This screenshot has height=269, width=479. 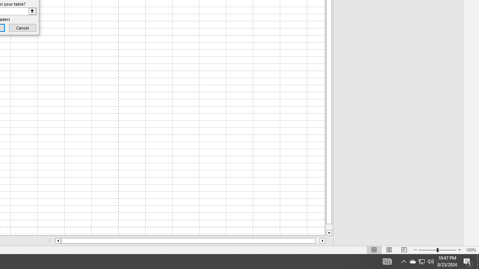 What do you see at coordinates (57, 241) in the screenshot?
I see `'Column left'` at bounding box center [57, 241].